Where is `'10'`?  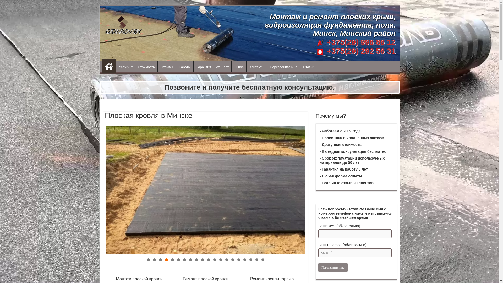 '10' is located at coordinates (202, 260).